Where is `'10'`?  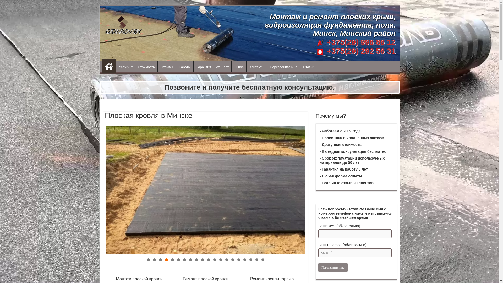 '10' is located at coordinates (202, 260).